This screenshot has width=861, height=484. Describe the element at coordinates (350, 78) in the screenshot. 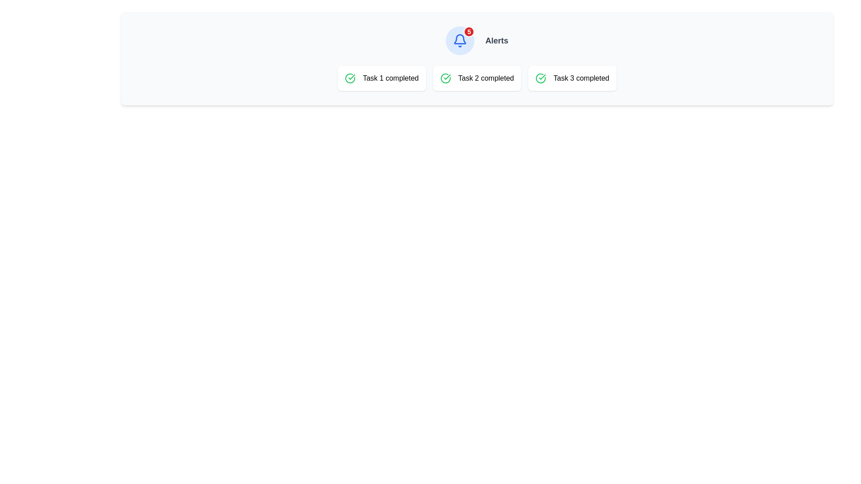

I see `the green circular checkmark icon located to the left of the text 'Task 1 completed'` at that location.